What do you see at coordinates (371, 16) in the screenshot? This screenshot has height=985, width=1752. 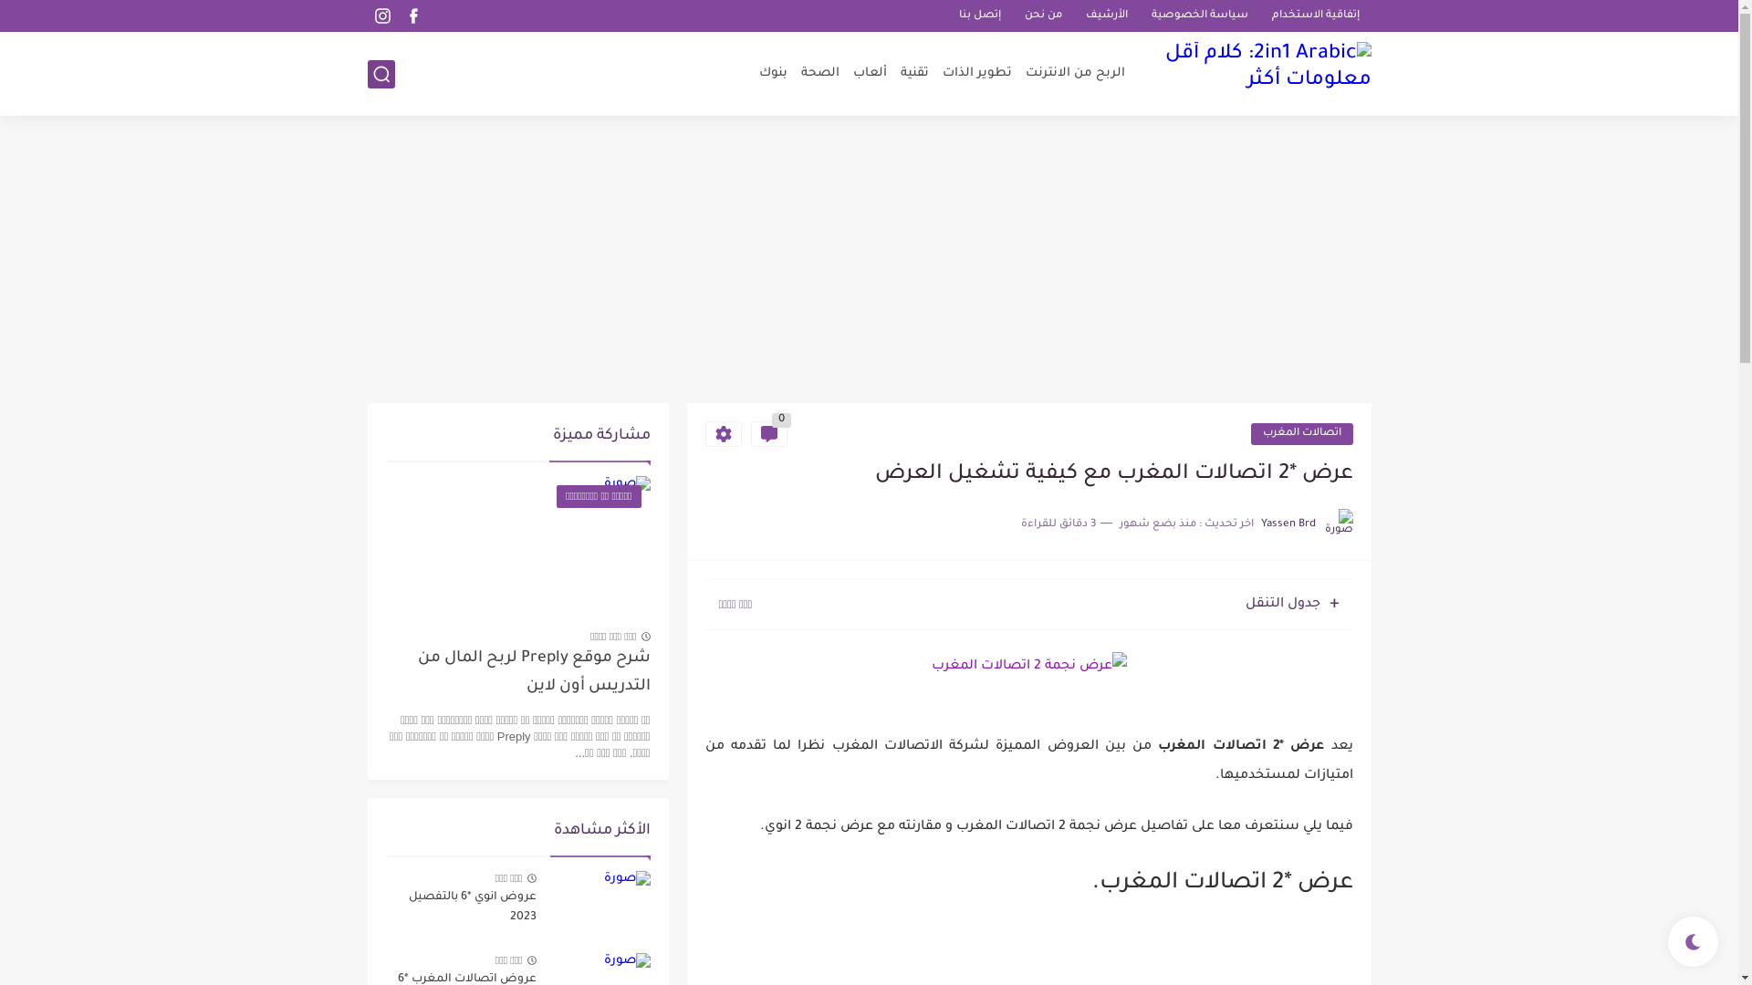 I see `'instagram'` at bounding box center [371, 16].